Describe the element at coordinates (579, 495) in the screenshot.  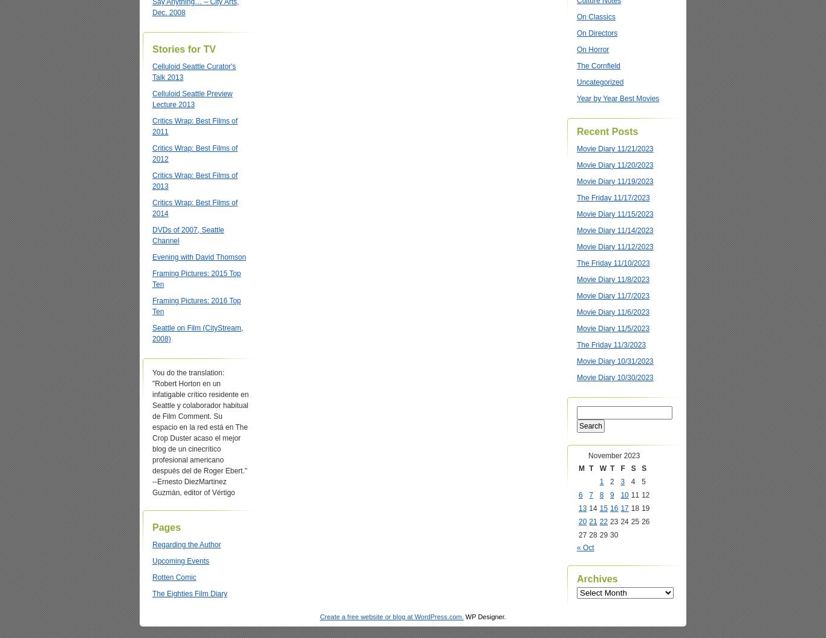
I see `'6'` at that location.